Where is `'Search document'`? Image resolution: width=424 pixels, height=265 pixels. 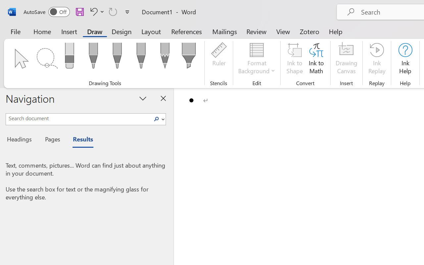
'Search document' is located at coordinates (79, 118).